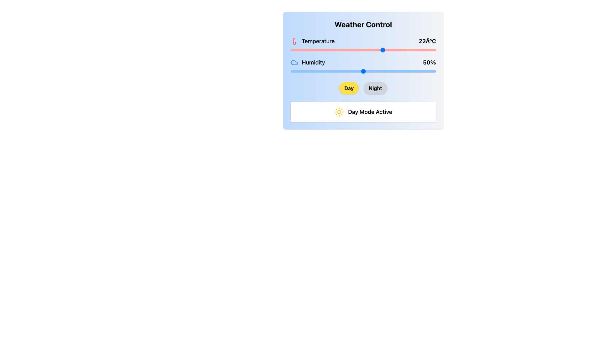  What do you see at coordinates (304, 71) in the screenshot?
I see `the humidity level` at bounding box center [304, 71].